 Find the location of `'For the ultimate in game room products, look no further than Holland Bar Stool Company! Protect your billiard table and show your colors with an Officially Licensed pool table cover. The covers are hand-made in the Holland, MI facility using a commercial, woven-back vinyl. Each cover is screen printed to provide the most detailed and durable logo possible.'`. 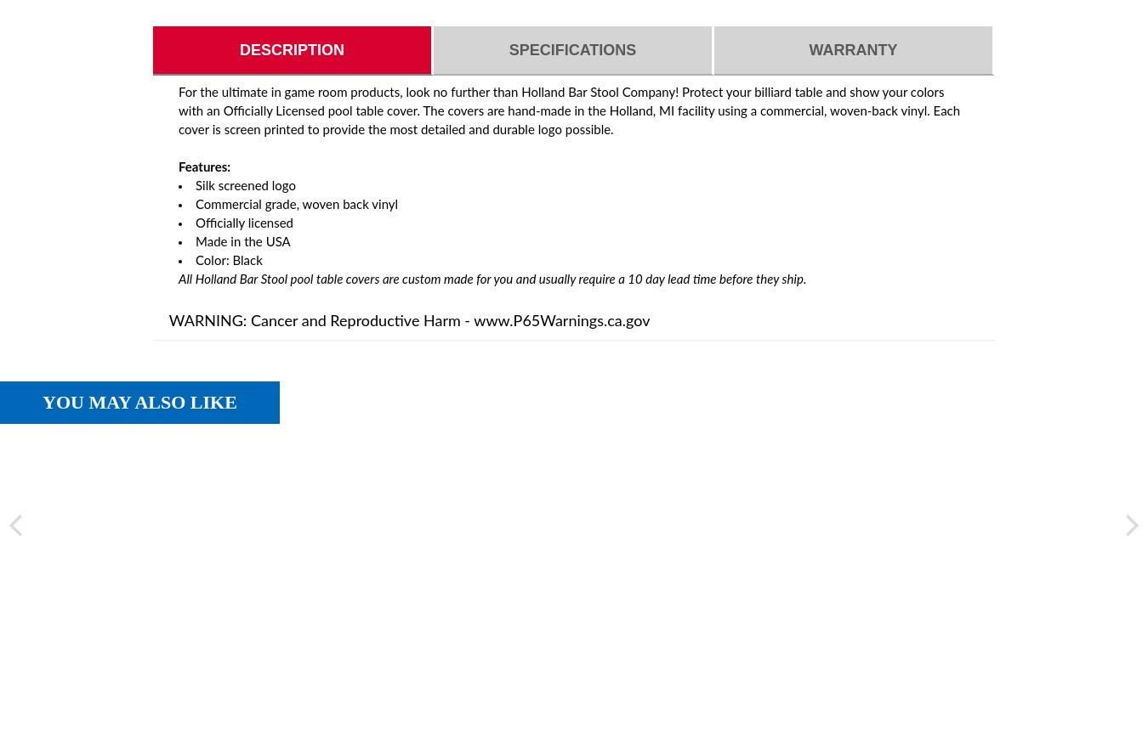

'For the ultimate in game room products, look no further than Holland Bar Stool Company! Protect your billiard table and show your colors with an Officially Licensed pool table cover. The covers are hand-made in the Holland, MI facility using a commercial, woven-back vinyl. Each cover is screen printed to provide the most detailed and durable logo possible.' is located at coordinates (569, 110).